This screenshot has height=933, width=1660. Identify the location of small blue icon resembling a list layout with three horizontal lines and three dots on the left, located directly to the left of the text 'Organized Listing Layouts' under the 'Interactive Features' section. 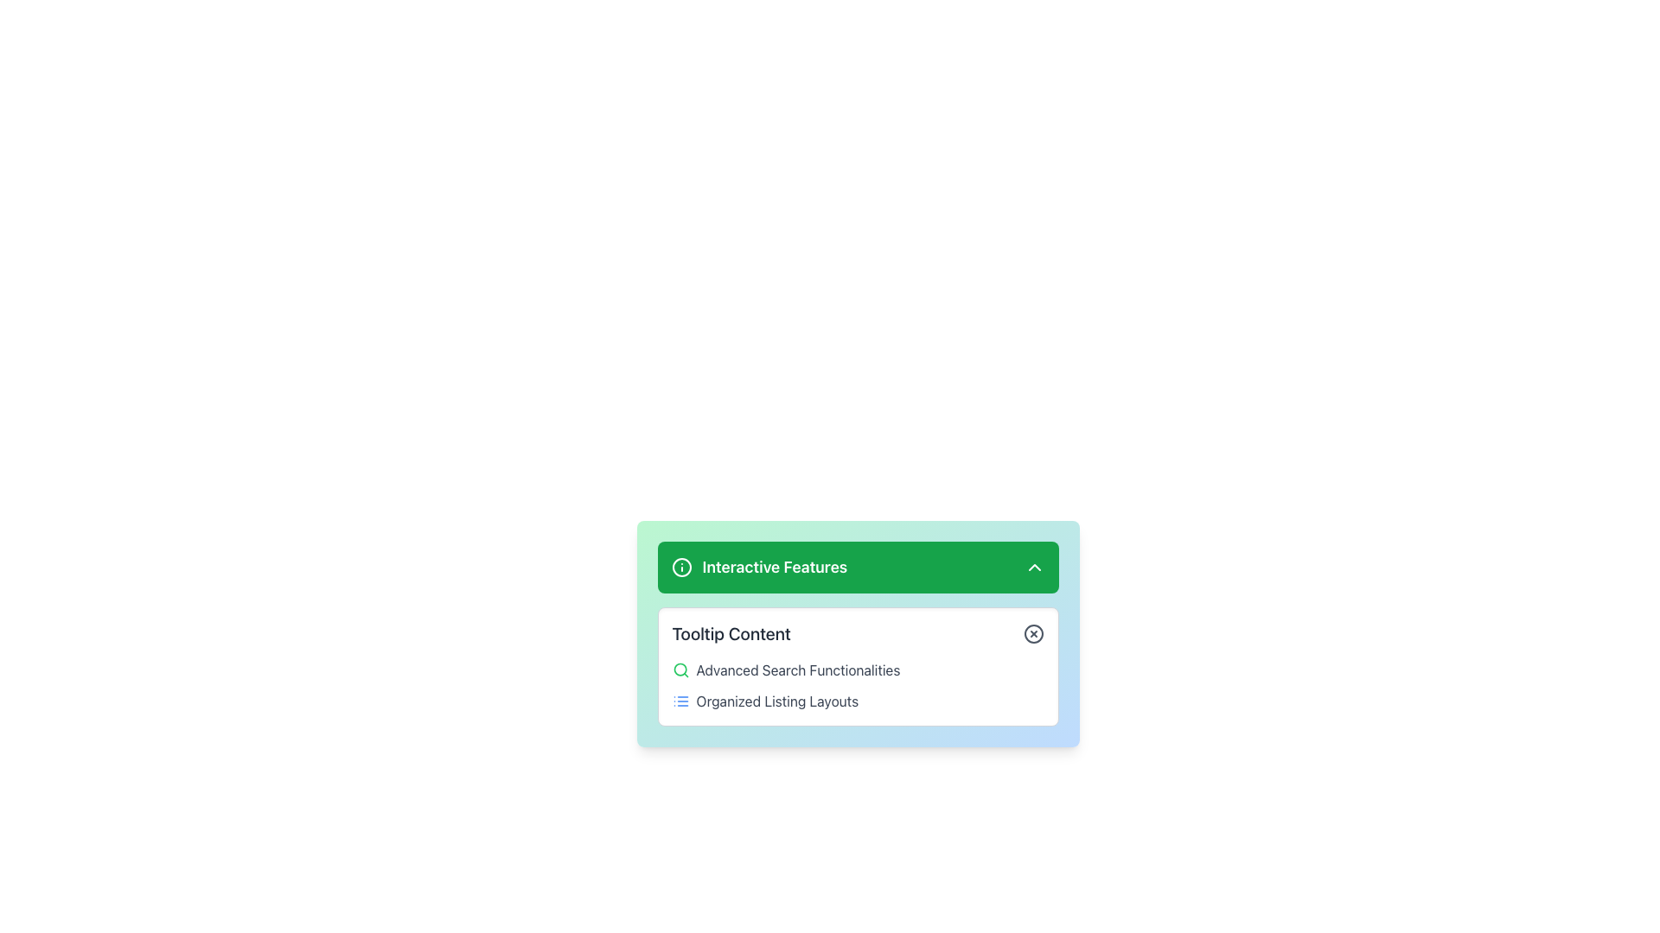
(680, 701).